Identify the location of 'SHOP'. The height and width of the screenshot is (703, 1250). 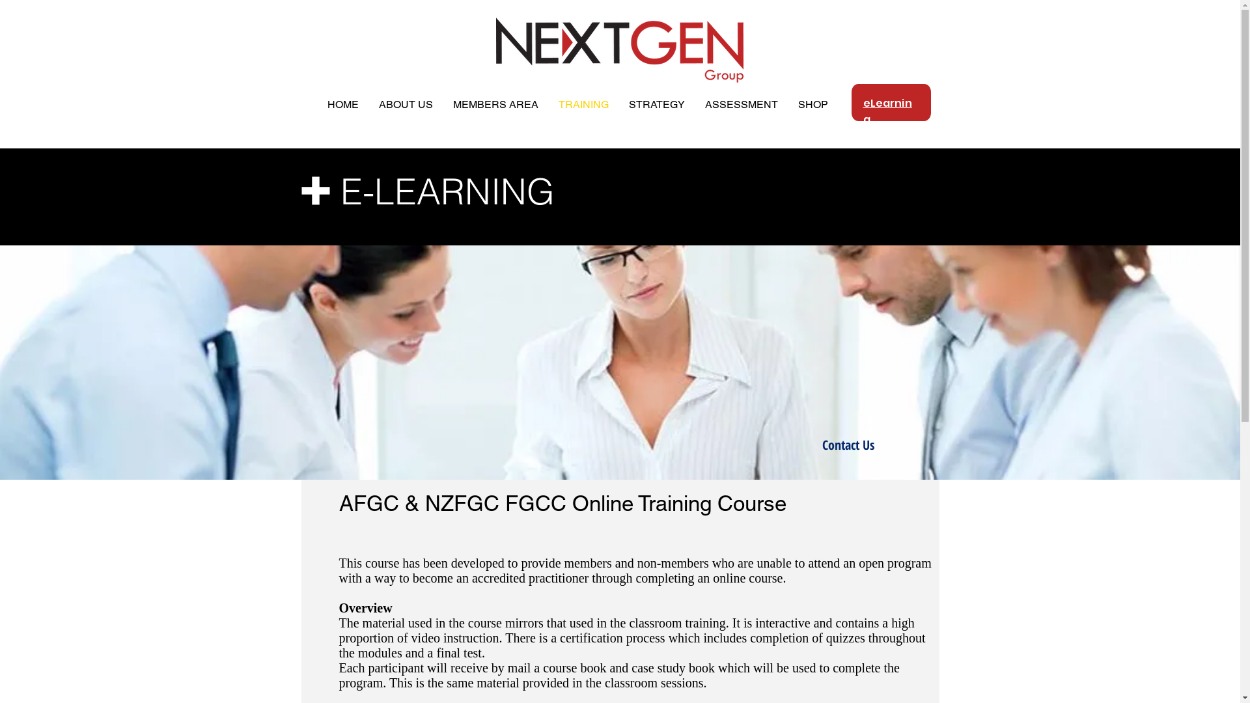
(812, 104).